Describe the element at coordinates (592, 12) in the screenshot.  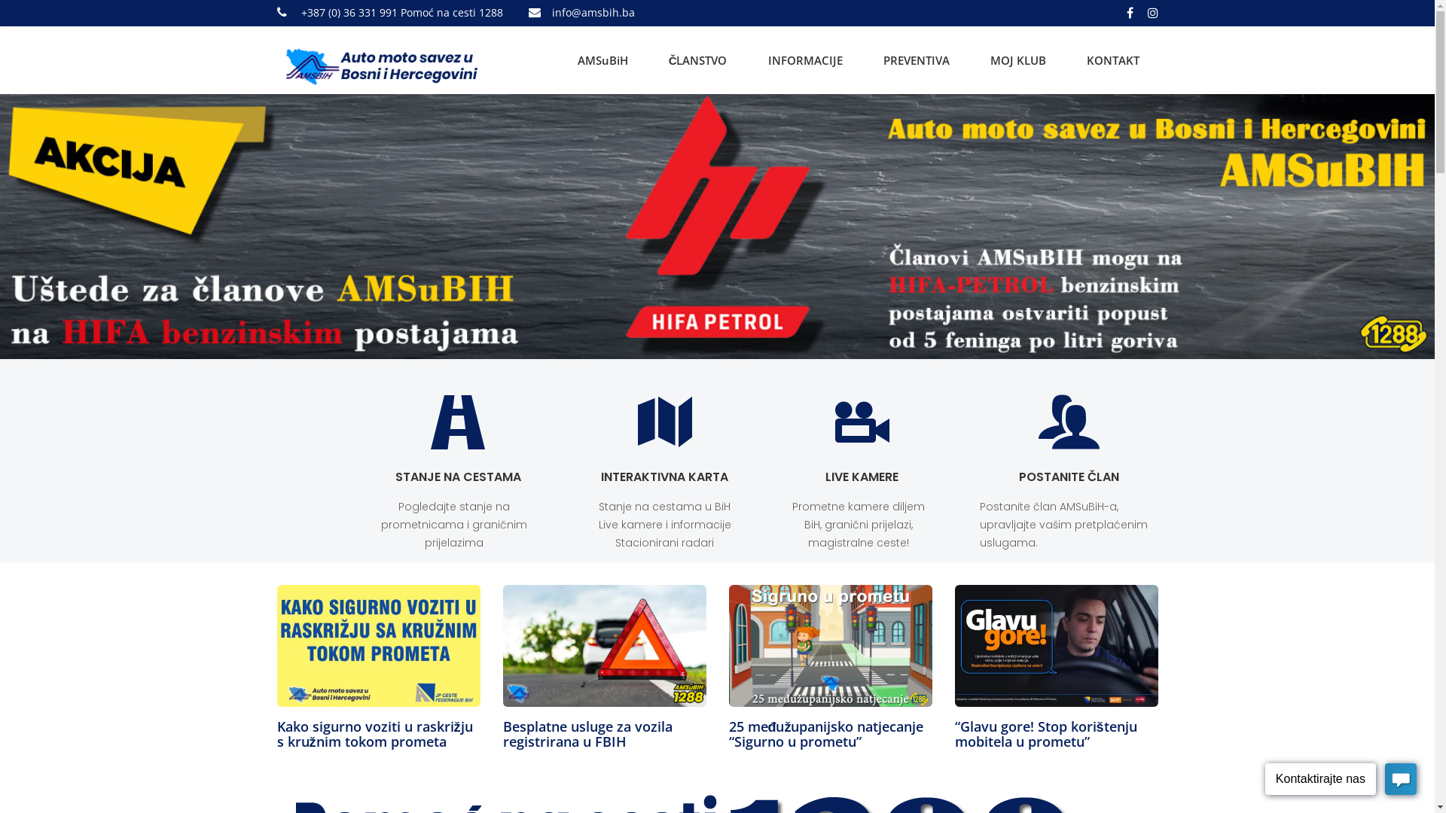
I see `'info@amsbih.ba'` at that location.